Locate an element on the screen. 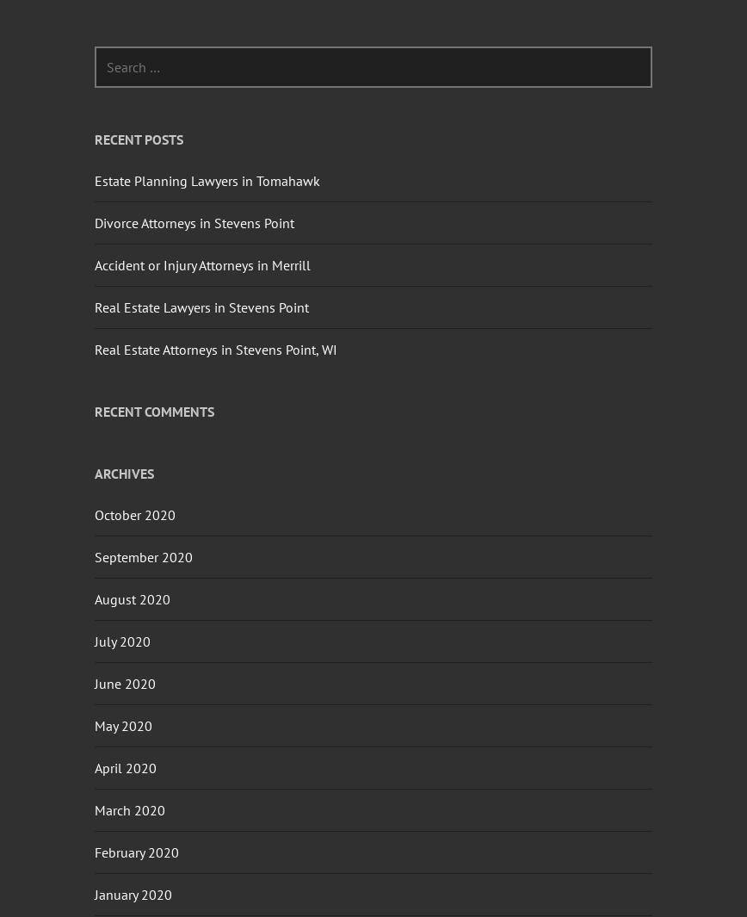 This screenshot has width=747, height=917. 'August 2020' is located at coordinates (132, 598).